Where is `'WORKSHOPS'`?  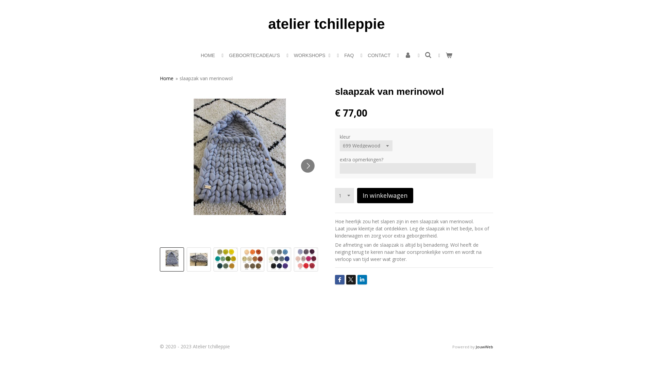 'WORKSHOPS' is located at coordinates (312, 55).